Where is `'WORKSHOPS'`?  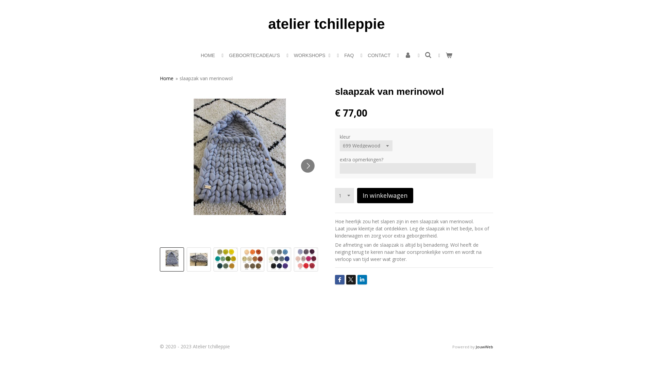 'WORKSHOPS' is located at coordinates (312, 55).